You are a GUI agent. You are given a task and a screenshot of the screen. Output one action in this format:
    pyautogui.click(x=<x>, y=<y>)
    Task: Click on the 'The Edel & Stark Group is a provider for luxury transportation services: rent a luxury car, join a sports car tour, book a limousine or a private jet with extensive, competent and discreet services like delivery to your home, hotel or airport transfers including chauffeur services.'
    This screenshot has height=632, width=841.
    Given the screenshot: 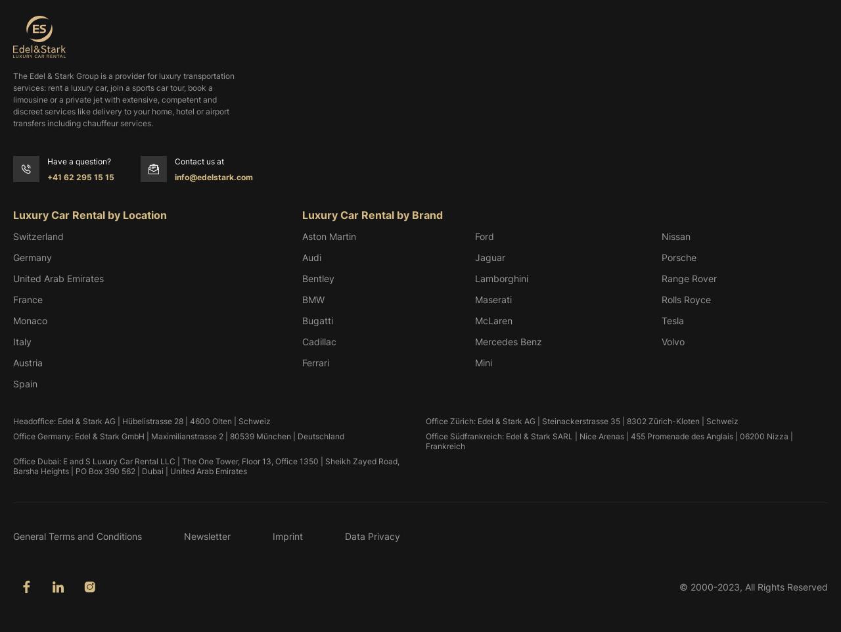 What is the action you would take?
    pyautogui.click(x=12, y=98)
    